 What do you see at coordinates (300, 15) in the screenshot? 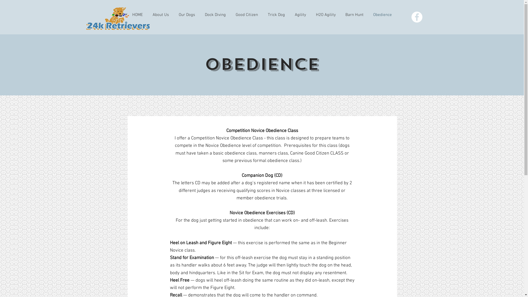
I see `'Agility'` at bounding box center [300, 15].